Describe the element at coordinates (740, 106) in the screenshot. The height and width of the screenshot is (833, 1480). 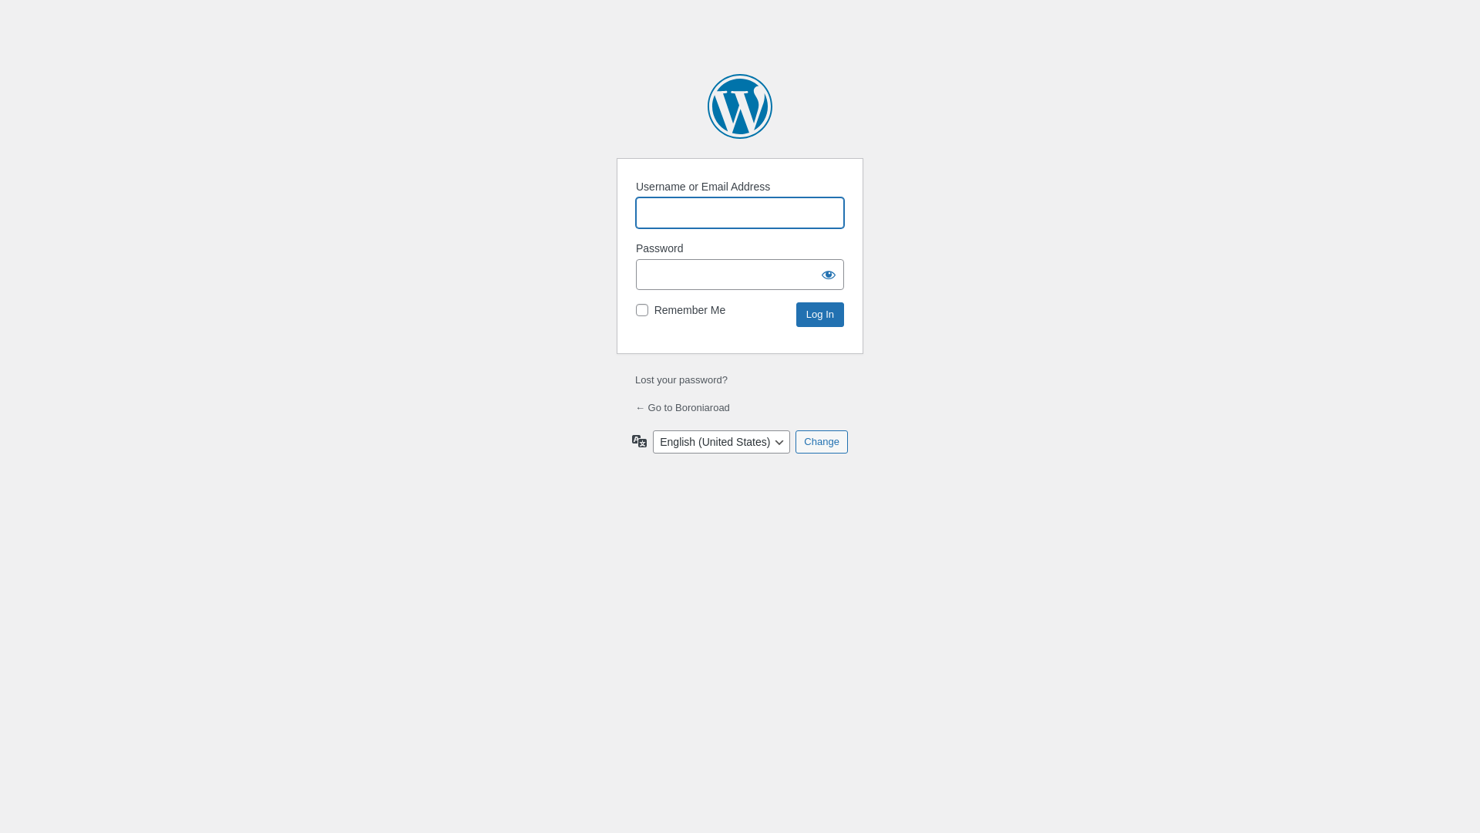
I see `'Powered by WordPress'` at that location.